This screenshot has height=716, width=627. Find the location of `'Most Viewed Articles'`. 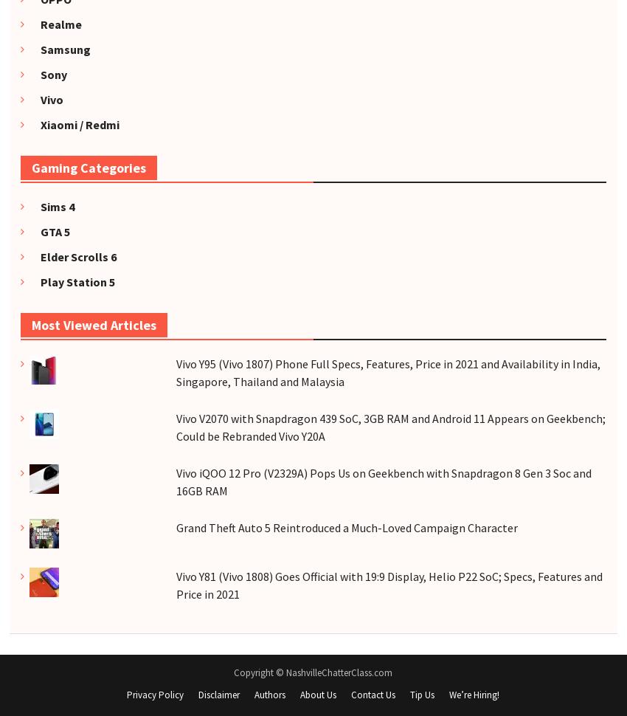

'Most Viewed Articles' is located at coordinates (92, 323).